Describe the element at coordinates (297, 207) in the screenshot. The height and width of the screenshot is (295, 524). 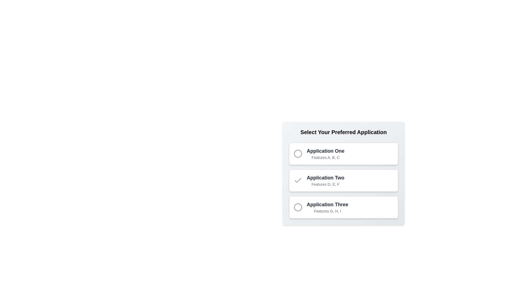
I see `the Circular interactive icon associated with 'Application Three'` at that location.